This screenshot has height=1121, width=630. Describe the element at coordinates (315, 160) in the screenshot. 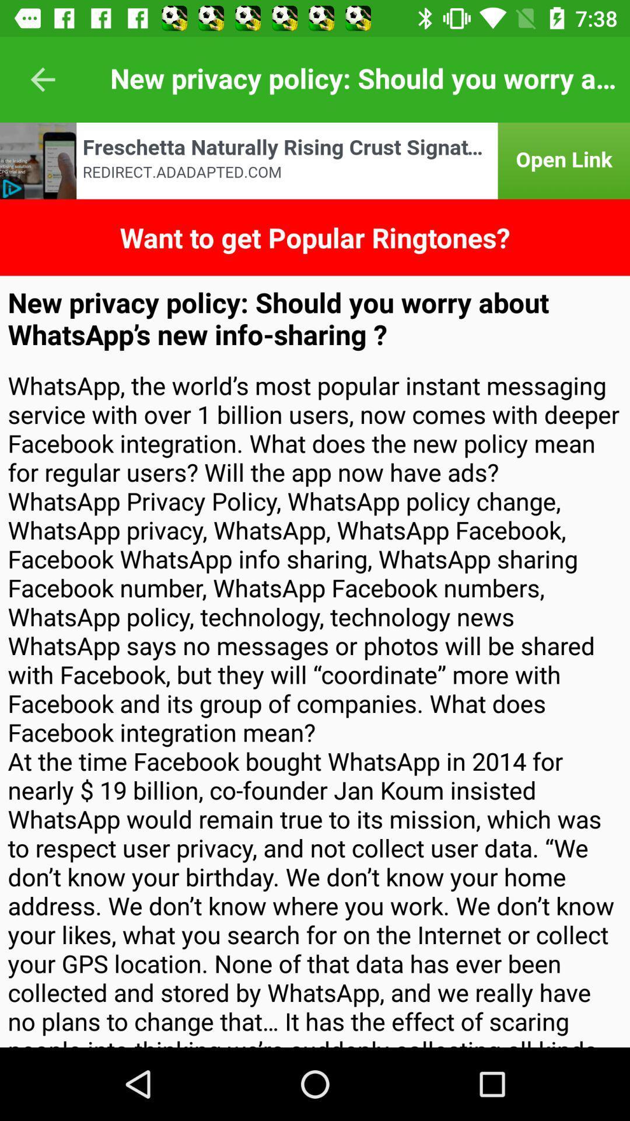

I see `open link` at that location.